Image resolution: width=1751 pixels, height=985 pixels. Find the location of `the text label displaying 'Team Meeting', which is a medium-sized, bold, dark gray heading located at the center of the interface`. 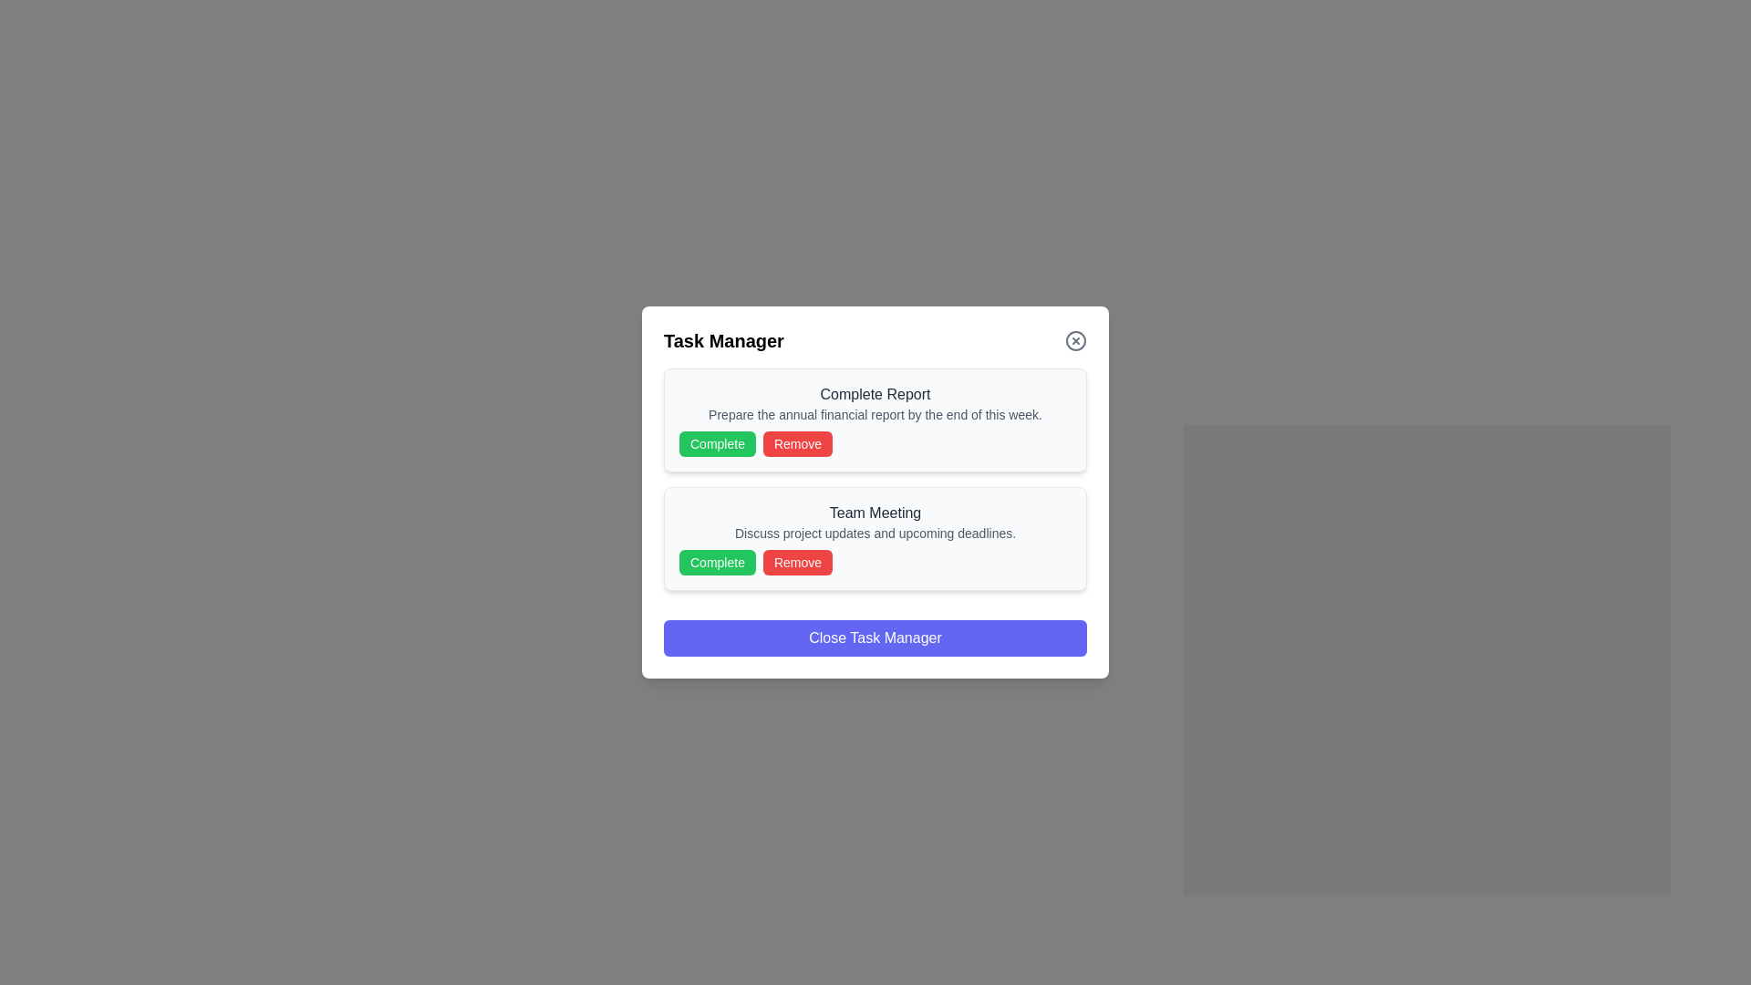

the text label displaying 'Team Meeting', which is a medium-sized, bold, dark gray heading located at the center of the interface is located at coordinates (875, 513).